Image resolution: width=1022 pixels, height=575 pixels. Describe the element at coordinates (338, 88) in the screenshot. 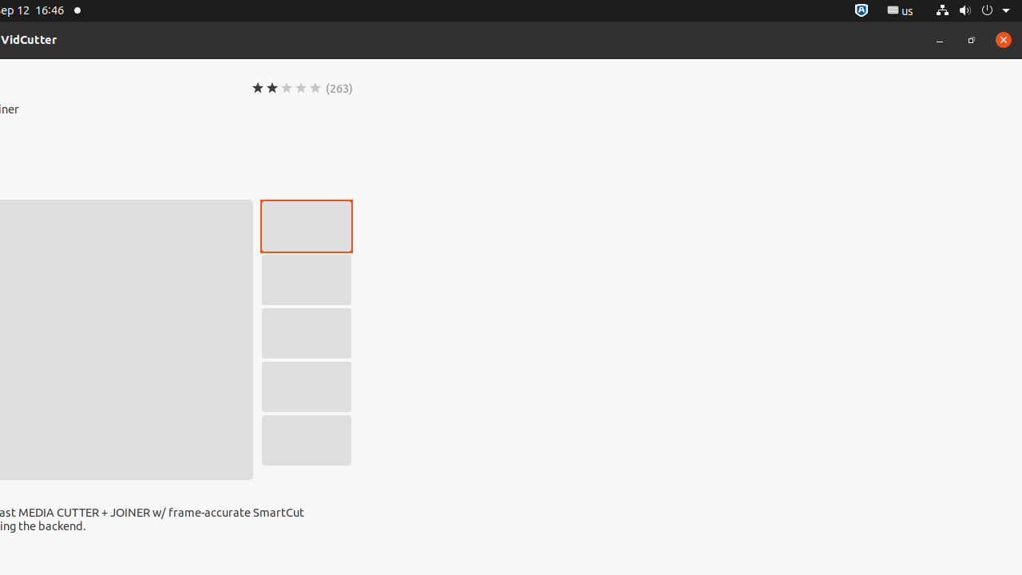

I see `'(263)'` at that location.